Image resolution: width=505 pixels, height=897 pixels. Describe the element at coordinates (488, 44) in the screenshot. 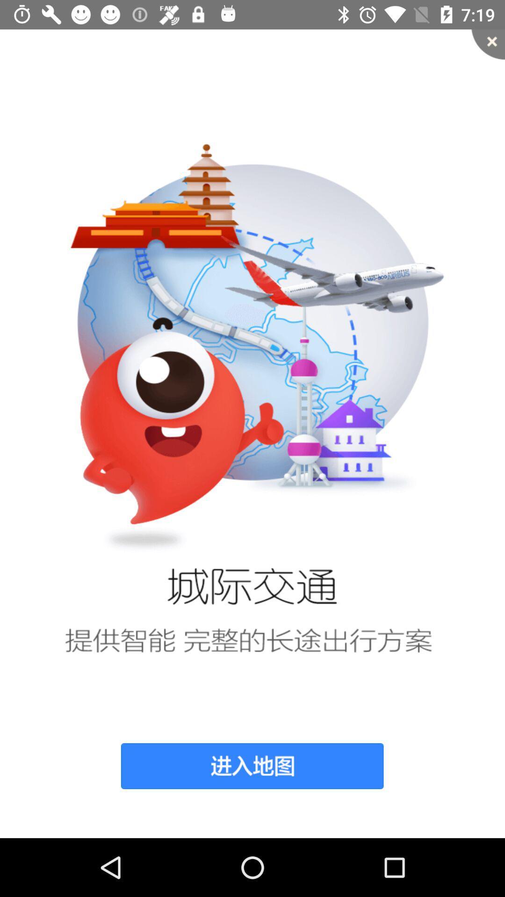

I see `the close icon` at that location.